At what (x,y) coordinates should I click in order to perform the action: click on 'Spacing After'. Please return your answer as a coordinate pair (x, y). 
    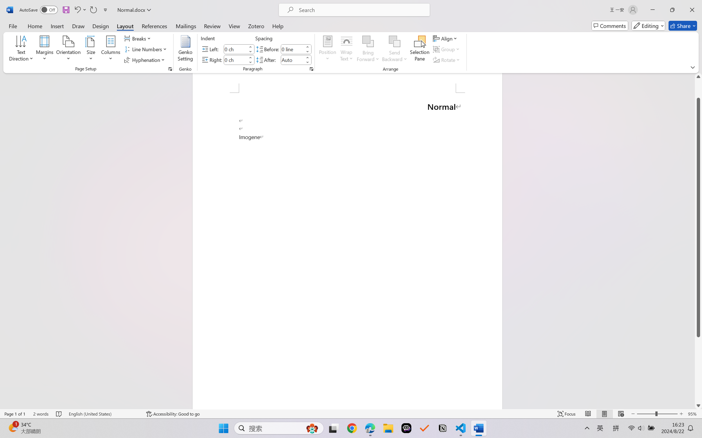
    Looking at the image, I should click on (292, 59).